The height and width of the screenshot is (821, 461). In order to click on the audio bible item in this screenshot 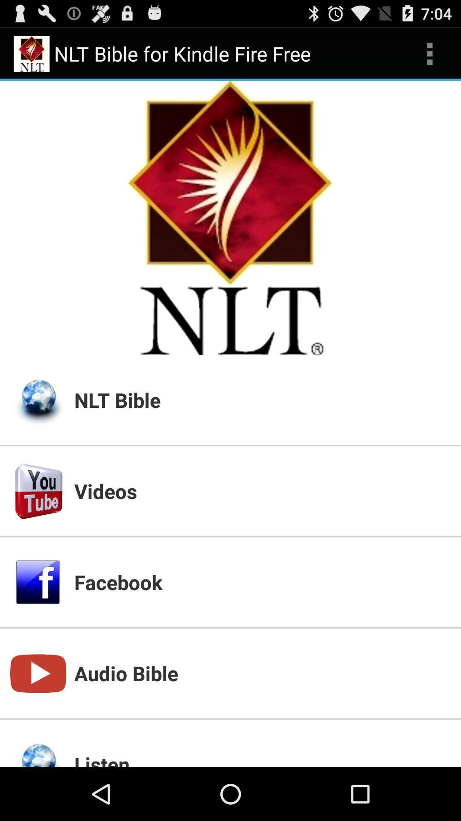, I will do `click(262, 673)`.